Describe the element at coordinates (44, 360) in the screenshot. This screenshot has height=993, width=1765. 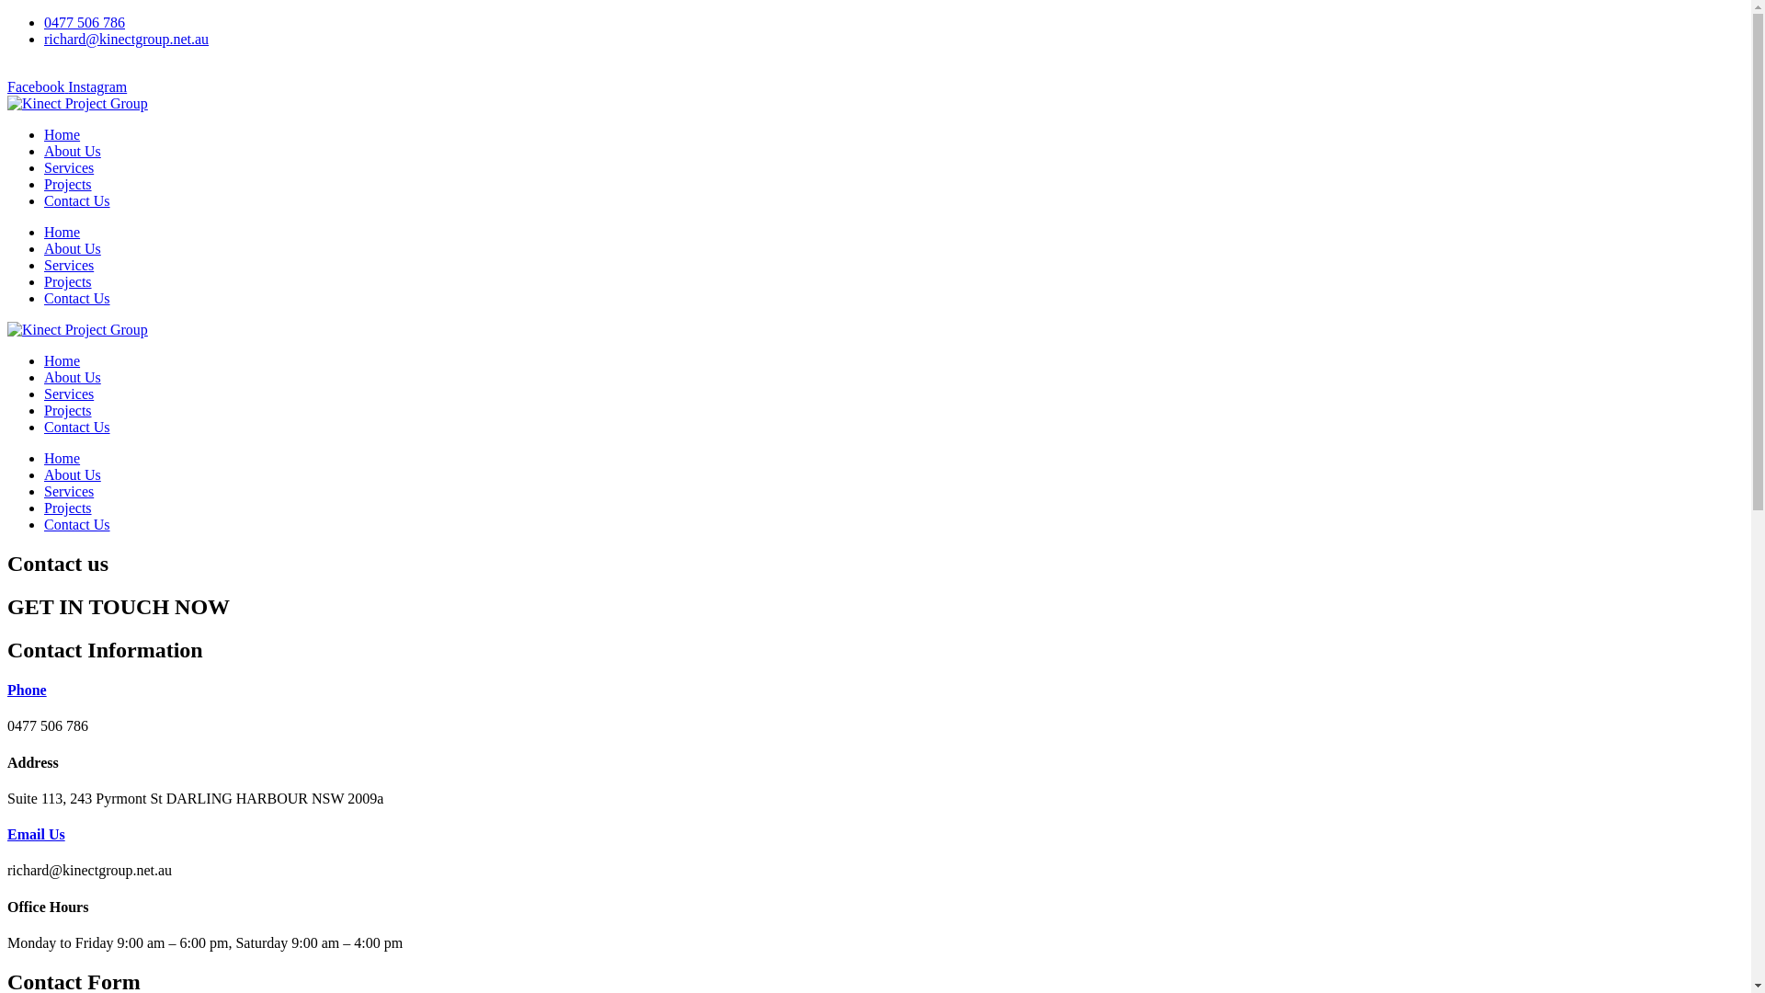
I see `'Home'` at that location.